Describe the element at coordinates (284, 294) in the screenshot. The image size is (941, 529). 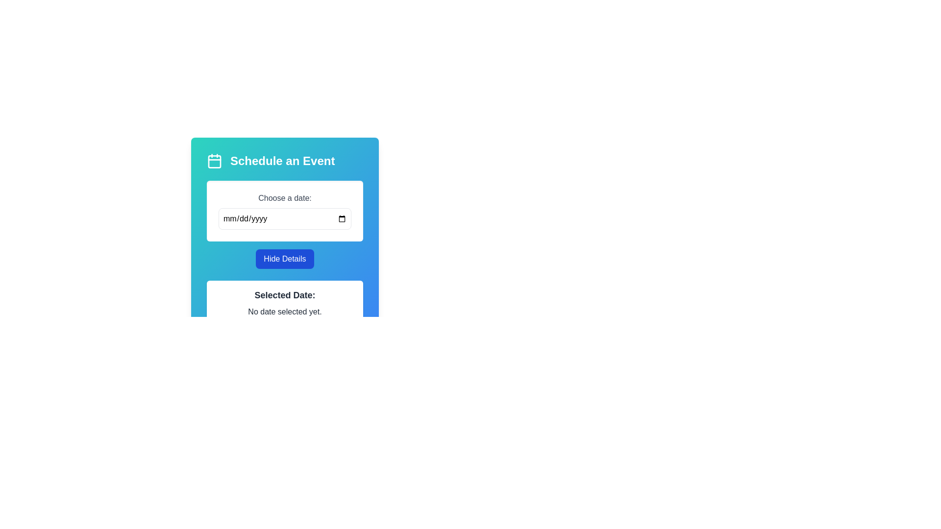
I see `the label text 'Selected Date:' which is styled in bold and located above the text 'No date selected yet.'` at that location.